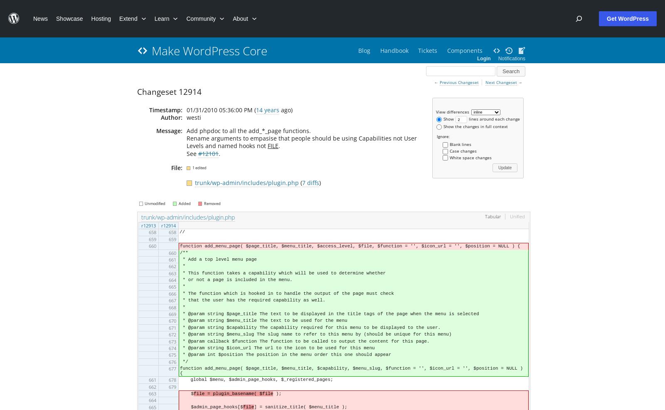  I want to click on '671', so click(172, 327).